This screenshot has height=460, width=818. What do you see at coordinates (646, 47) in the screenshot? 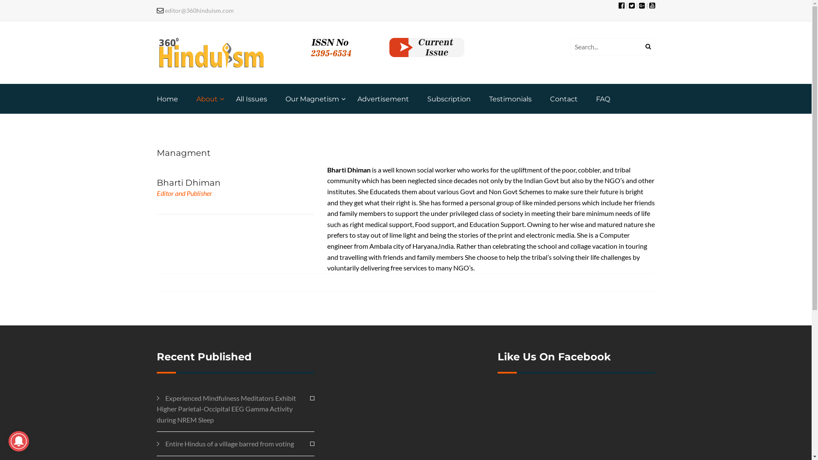
I see `'Search'` at bounding box center [646, 47].